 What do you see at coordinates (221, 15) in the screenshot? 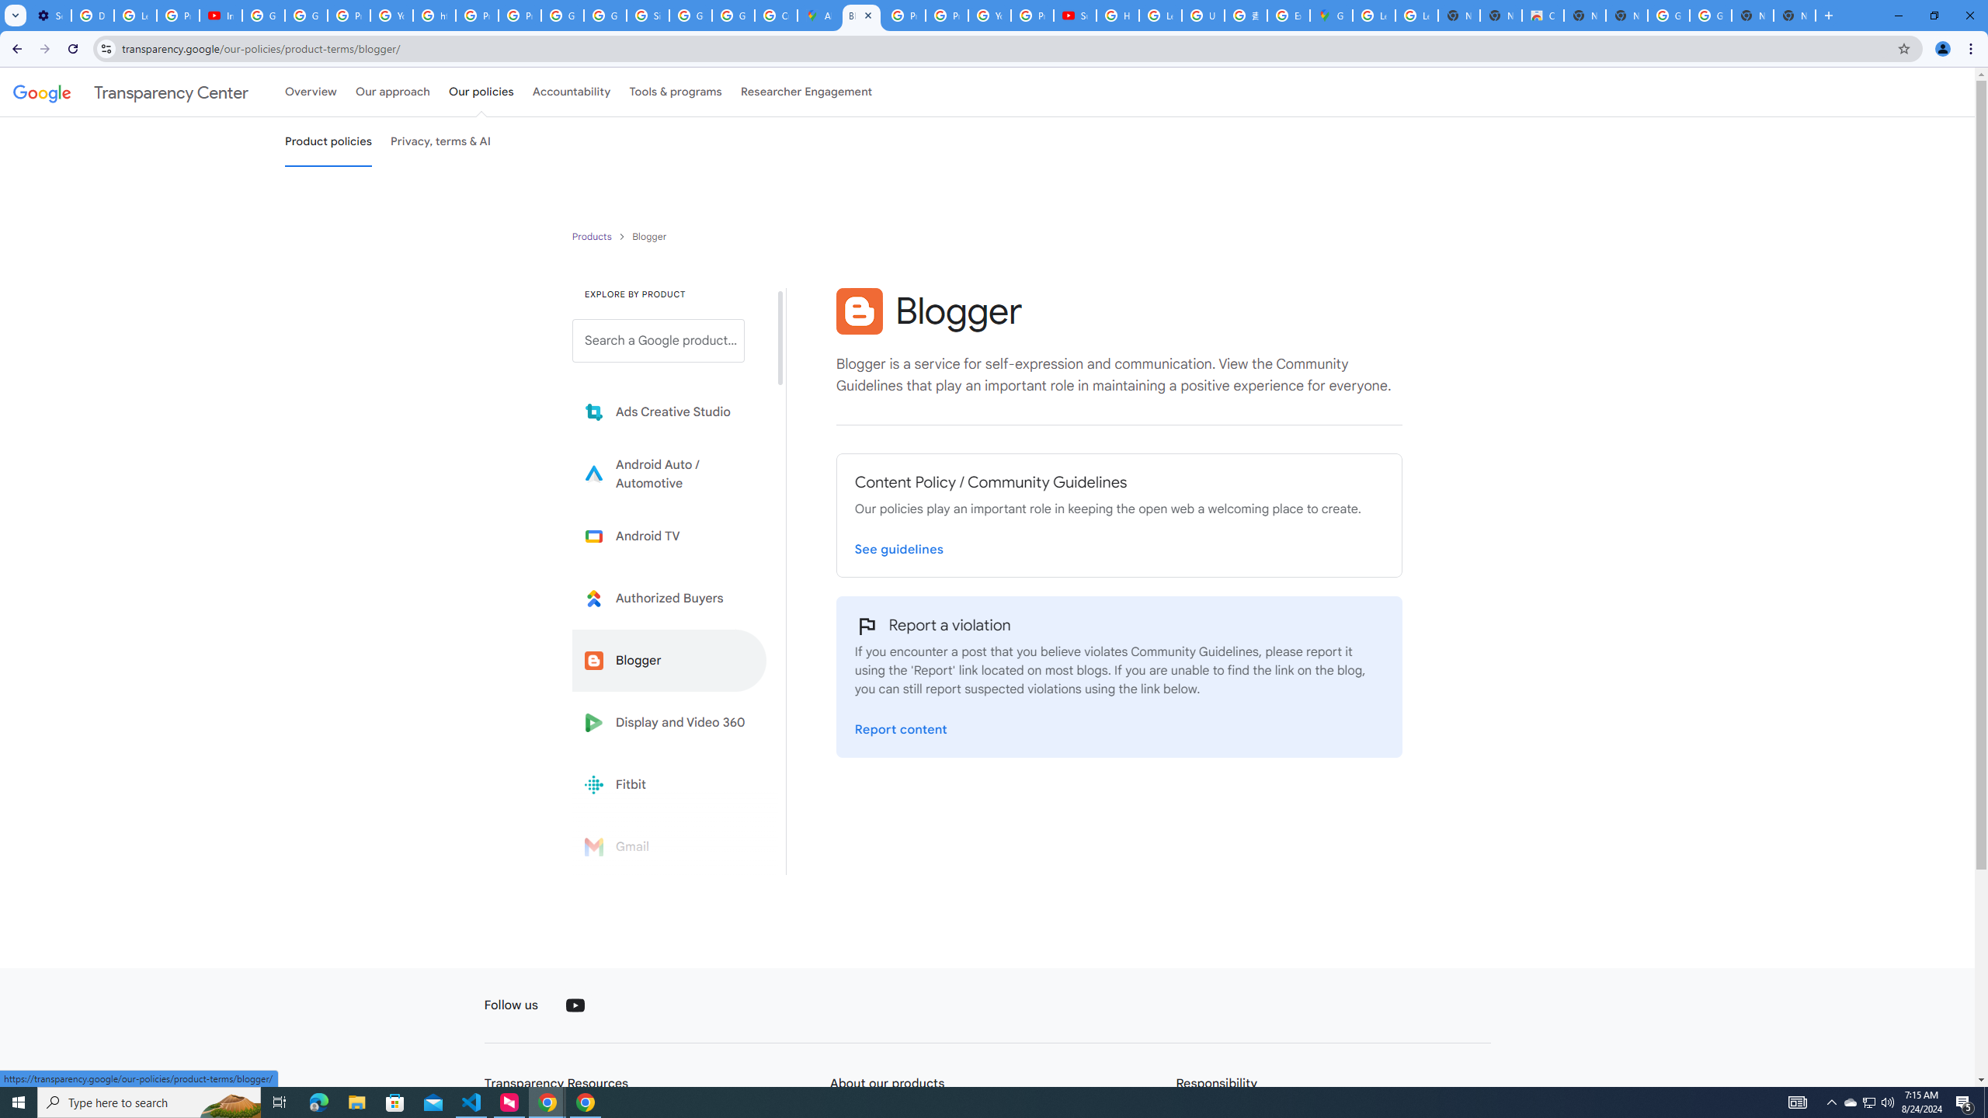
I see `'Introduction | Google Privacy Policy - YouTube'` at bounding box center [221, 15].